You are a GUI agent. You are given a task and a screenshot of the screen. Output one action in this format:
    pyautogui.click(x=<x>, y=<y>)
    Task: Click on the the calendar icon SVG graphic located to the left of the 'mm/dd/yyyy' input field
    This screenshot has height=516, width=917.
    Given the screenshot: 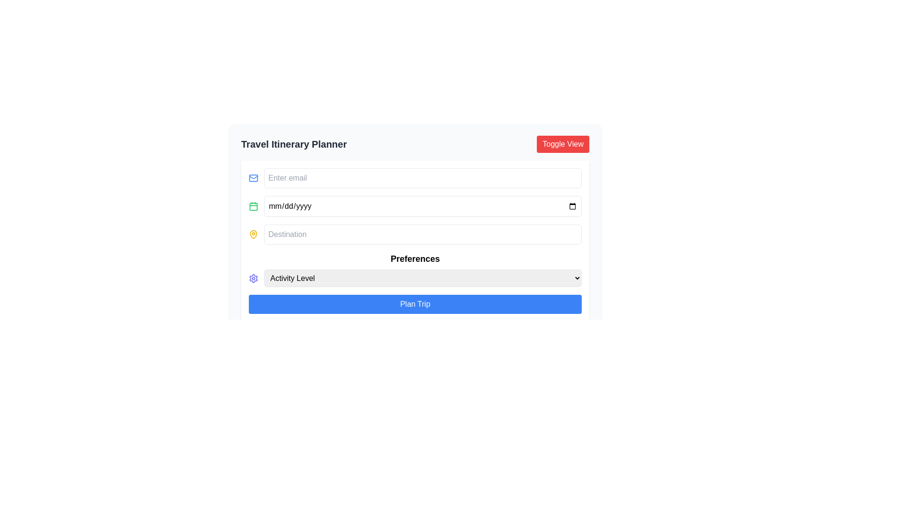 What is the action you would take?
    pyautogui.click(x=254, y=206)
    